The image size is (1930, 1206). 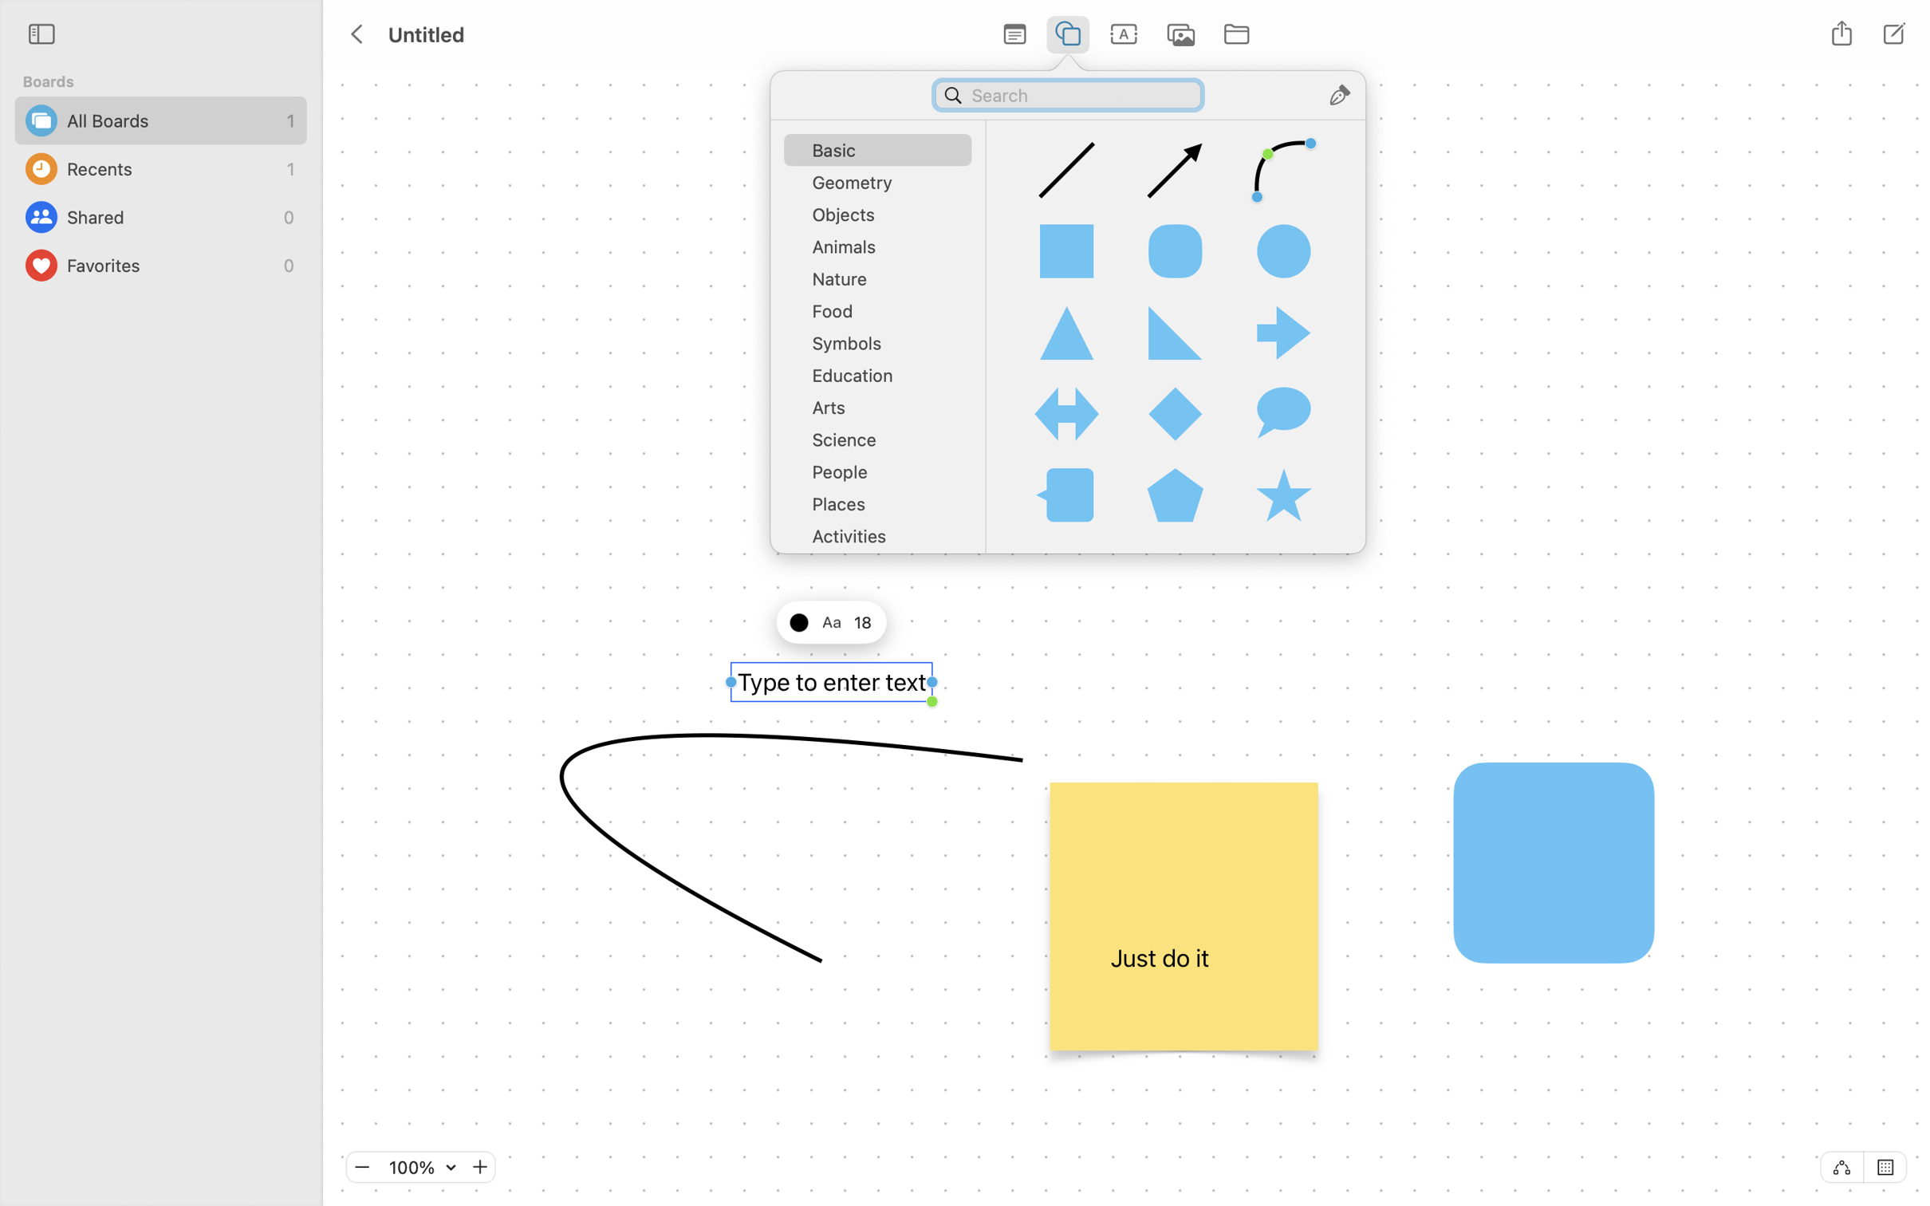 What do you see at coordinates (883, 315) in the screenshot?
I see `'Food'` at bounding box center [883, 315].